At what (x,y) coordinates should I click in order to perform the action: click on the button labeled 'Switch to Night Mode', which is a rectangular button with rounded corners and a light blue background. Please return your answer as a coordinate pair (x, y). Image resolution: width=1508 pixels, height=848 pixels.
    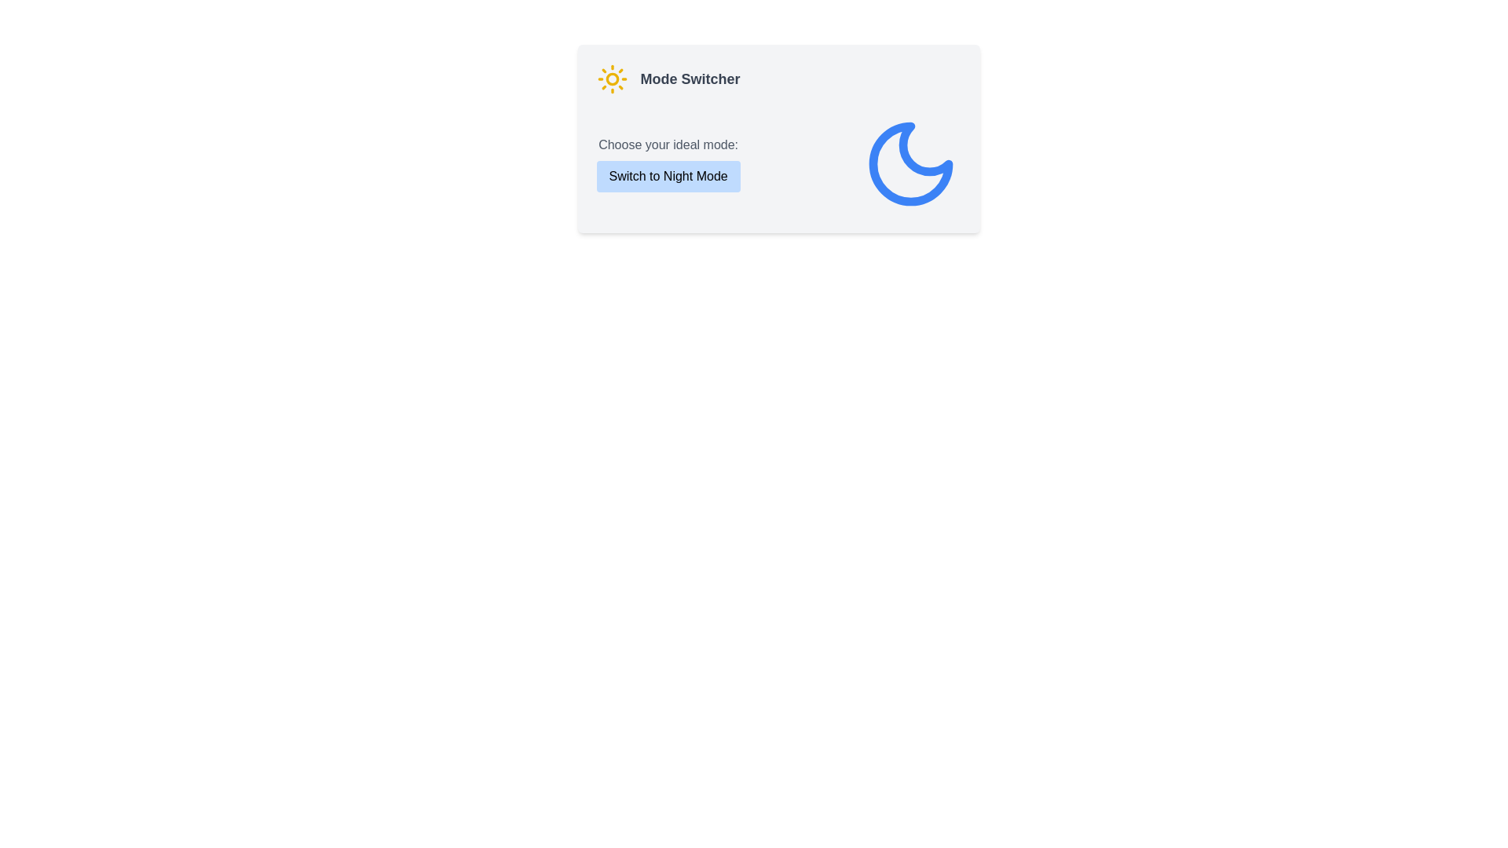
    Looking at the image, I should click on (668, 176).